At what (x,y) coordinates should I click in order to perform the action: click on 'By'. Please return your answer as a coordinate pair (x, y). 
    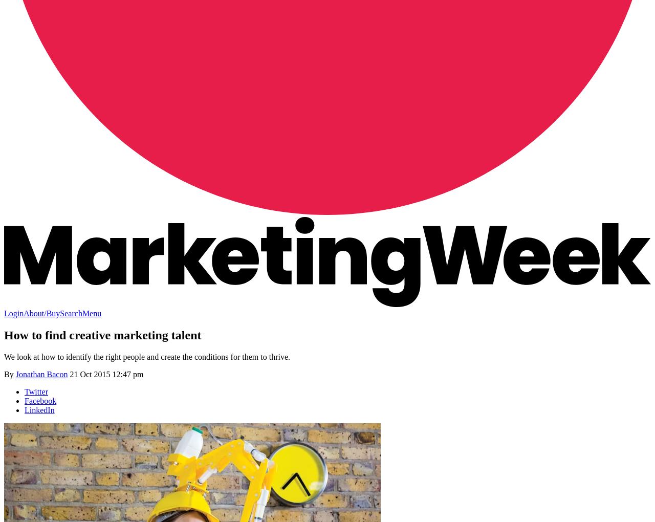
    Looking at the image, I should click on (9, 374).